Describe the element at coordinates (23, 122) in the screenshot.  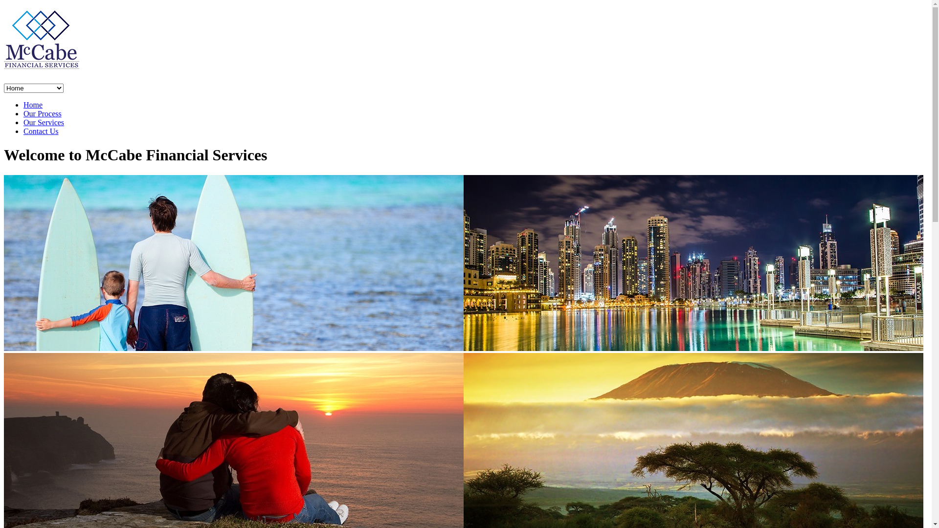
I see `'Our Services'` at that location.